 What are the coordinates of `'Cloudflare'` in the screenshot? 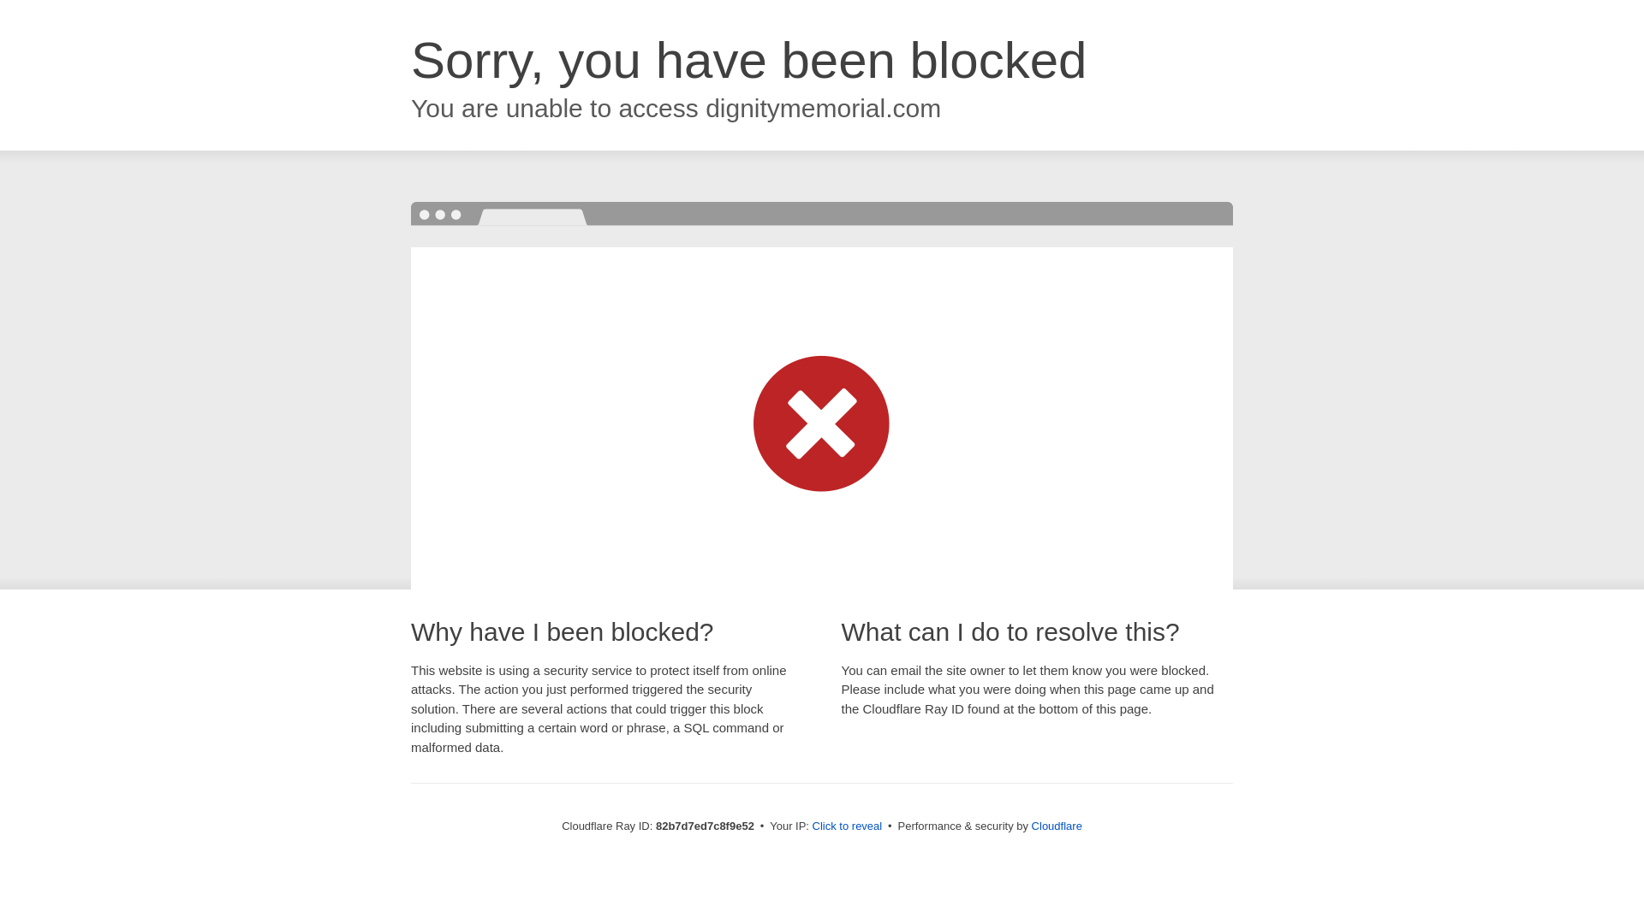 It's located at (1056, 825).